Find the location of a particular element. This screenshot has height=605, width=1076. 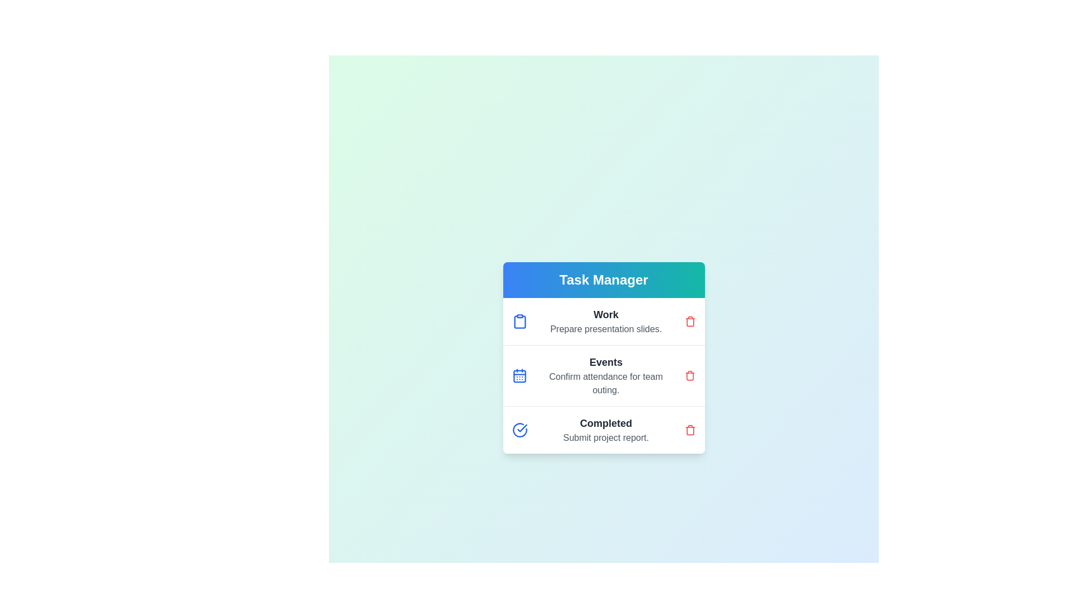

the trash icon for the task with ID 2 to remove it from the list is located at coordinates (689, 376).